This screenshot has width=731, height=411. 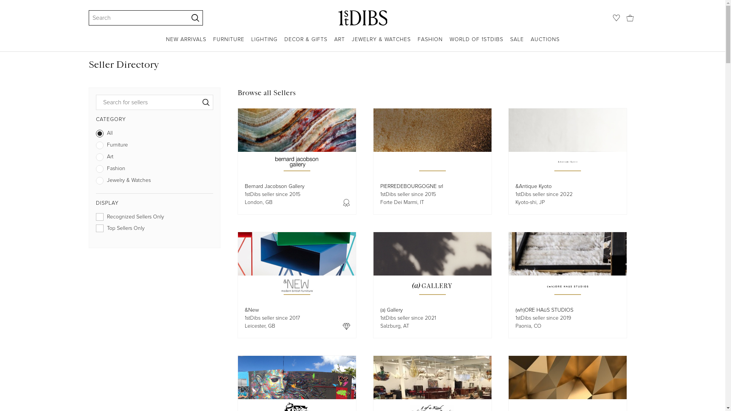 What do you see at coordinates (154, 229) in the screenshot?
I see `'Top Sellers Only'` at bounding box center [154, 229].